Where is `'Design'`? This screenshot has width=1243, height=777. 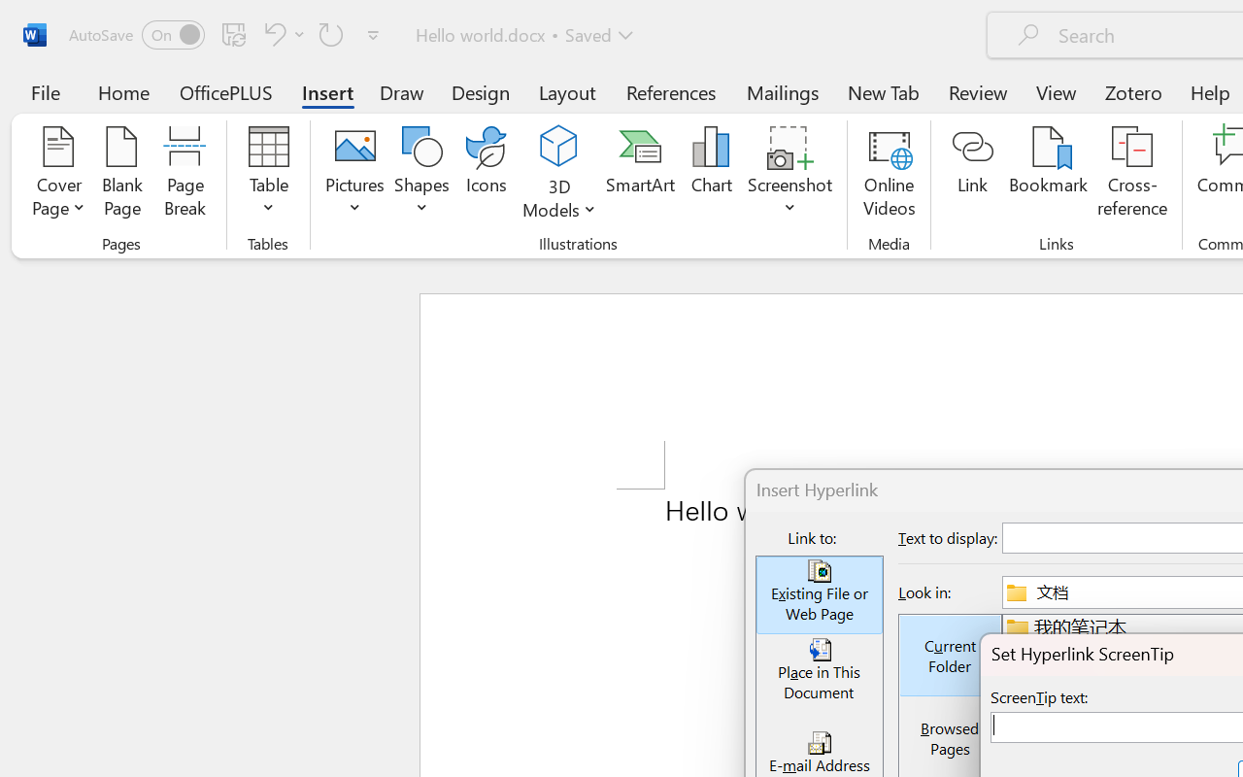 'Design' is located at coordinates (481, 91).